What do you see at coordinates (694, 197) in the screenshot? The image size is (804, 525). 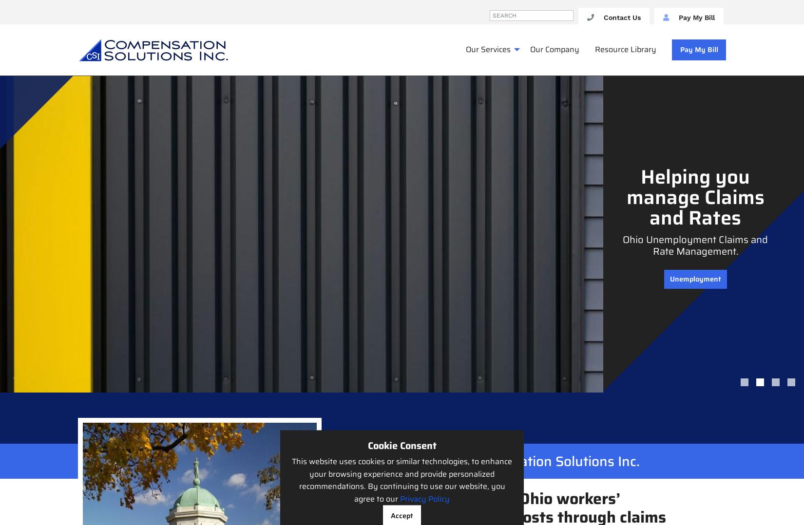 I see `'Helping you manage Claims and Rates'` at bounding box center [694, 197].